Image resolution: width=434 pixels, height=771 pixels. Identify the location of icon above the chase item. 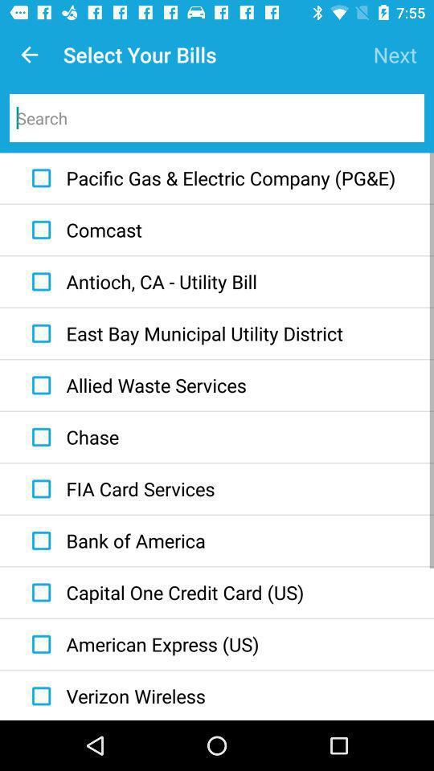
(134, 385).